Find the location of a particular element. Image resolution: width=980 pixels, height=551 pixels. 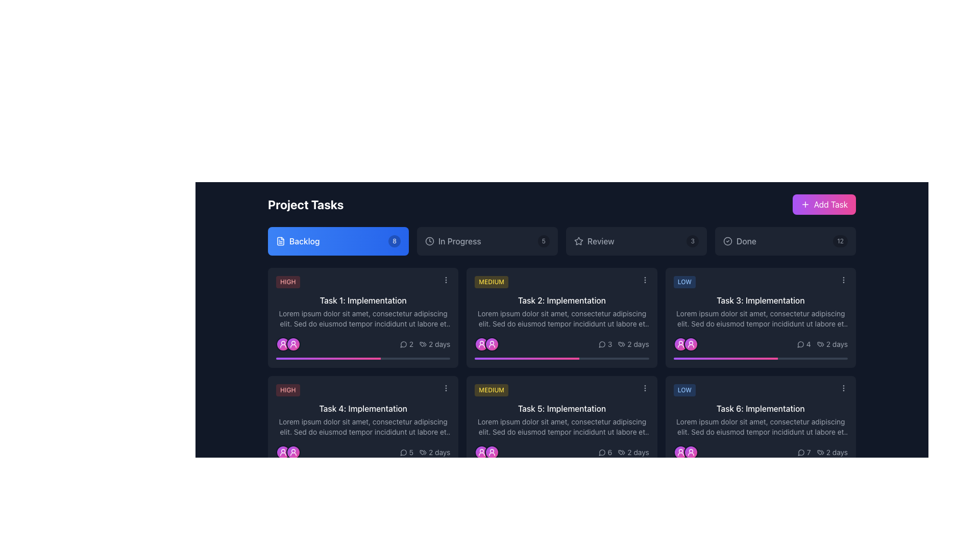

the small document icon located in the upper-left section of the interface, to the left of the 'Backlog' label in the 'Project Tasks' area is located at coordinates (281, 241).